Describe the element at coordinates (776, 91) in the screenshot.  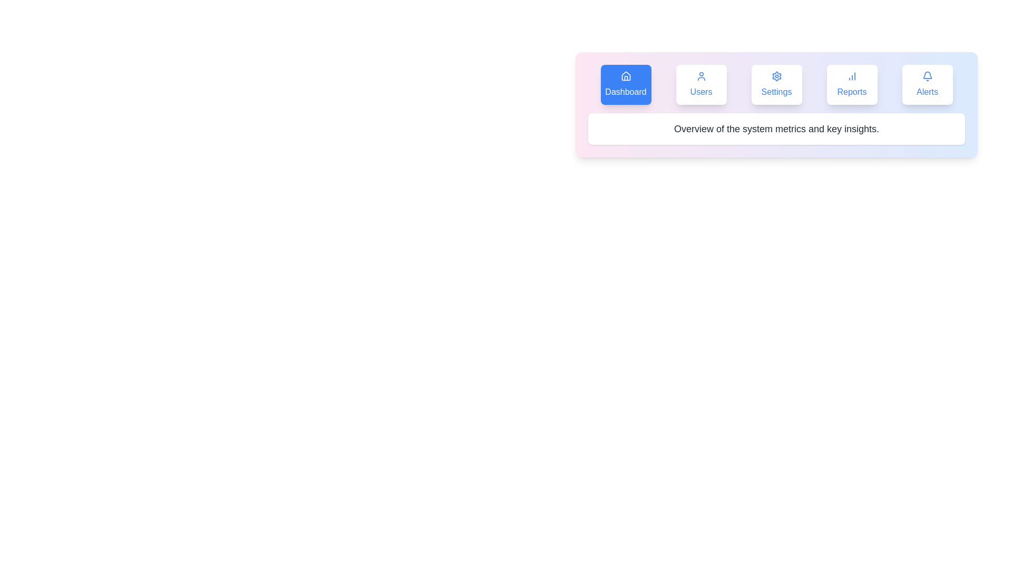
I see `the 'Settings' text label, which is located beneath the cogwheel icon and clarifies the function of the 'Settings' button in the navigation bar` at that location.